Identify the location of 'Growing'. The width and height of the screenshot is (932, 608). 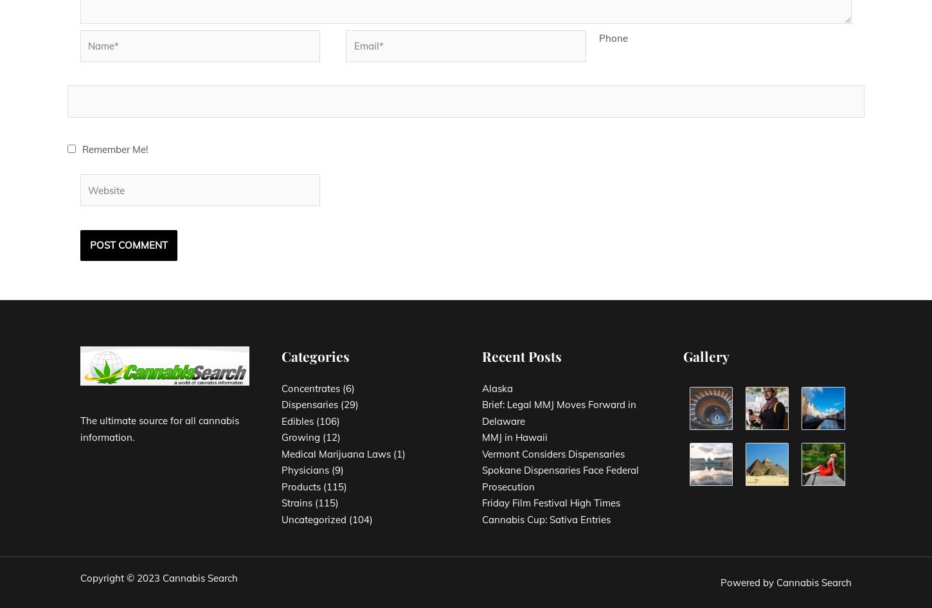
(300, 437).